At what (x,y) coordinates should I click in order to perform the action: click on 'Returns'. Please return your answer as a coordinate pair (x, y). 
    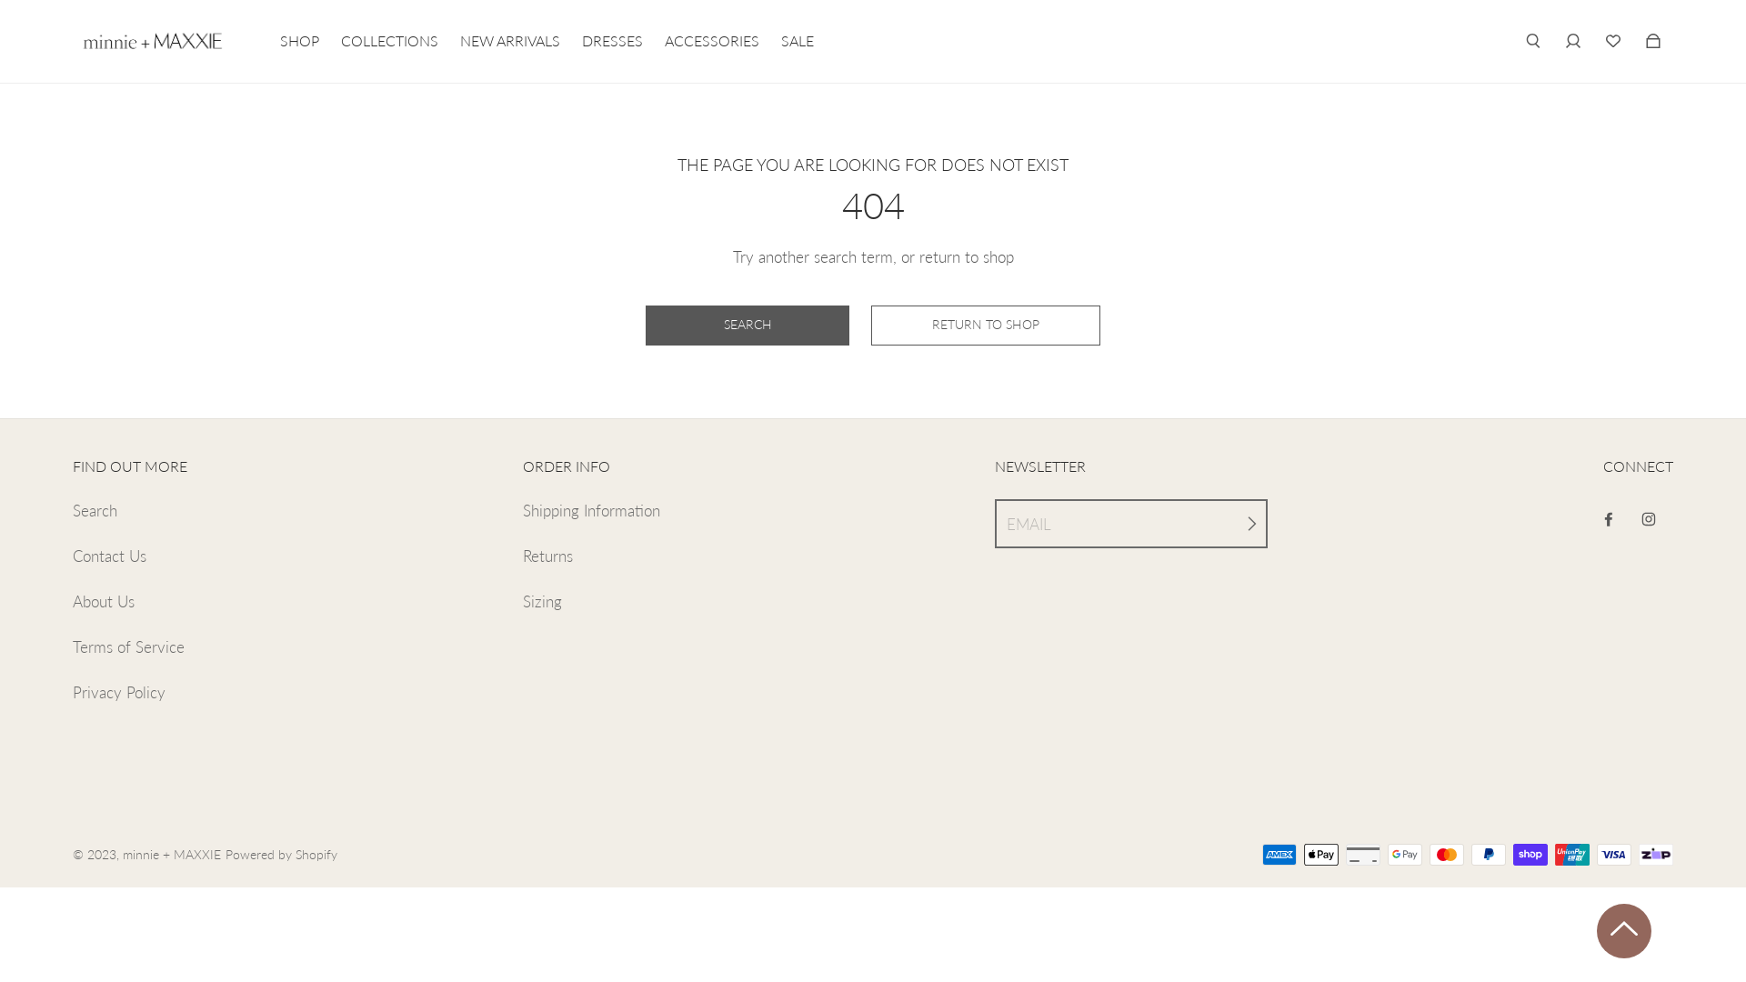
    Looking at the image, I should click on (547, 556).